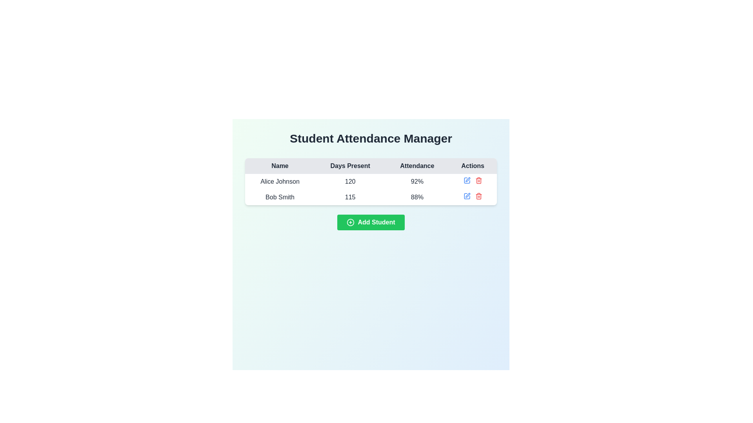  I want to click on the 'Add Student' button located below the attendance table, so click(370, 222).